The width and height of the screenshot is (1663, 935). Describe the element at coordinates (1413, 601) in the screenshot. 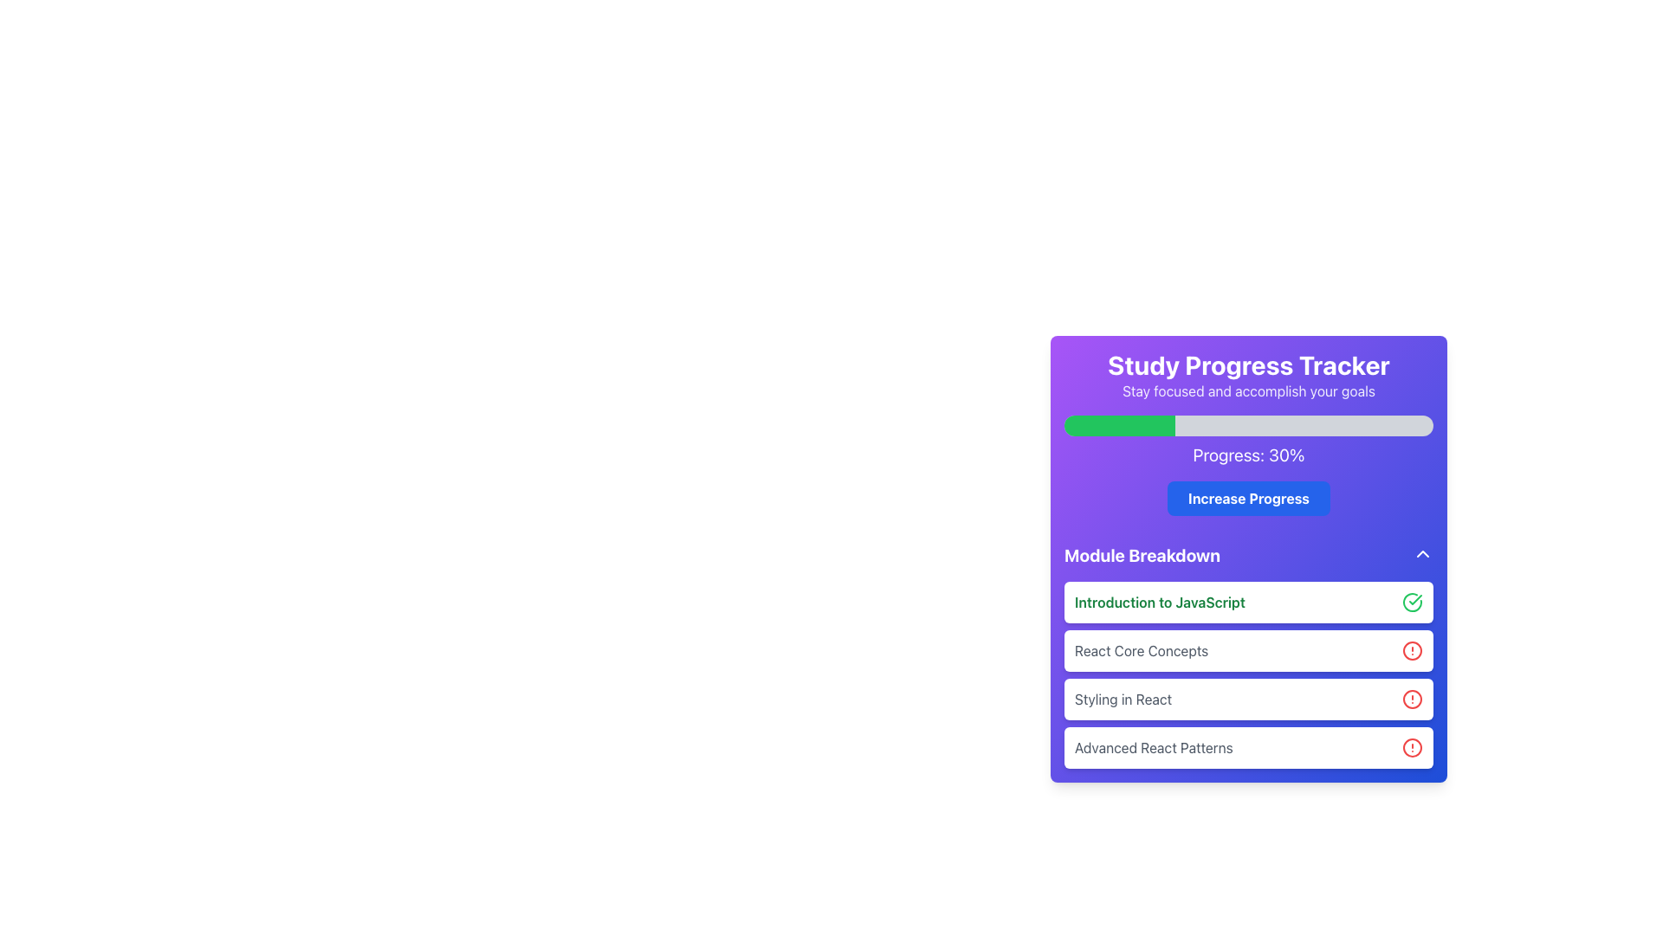

I see `the graphical icon located at the right end of the 'Introduction to JavaScript' row to mark the module as complete` at that location.